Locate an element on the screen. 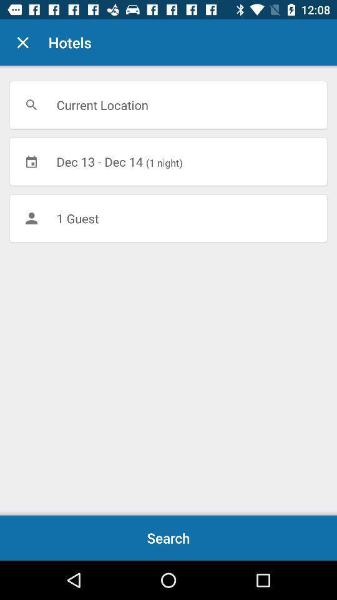  item to the left of hotels icon is located at coordinates (22, 42).